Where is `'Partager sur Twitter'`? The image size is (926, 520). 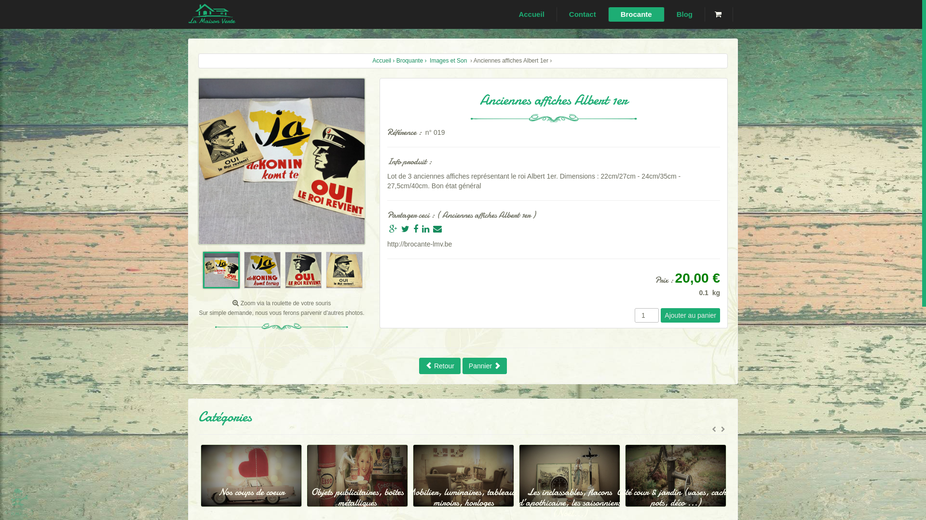
'Partager sur Twitter' is located at coordinates (405, 229).